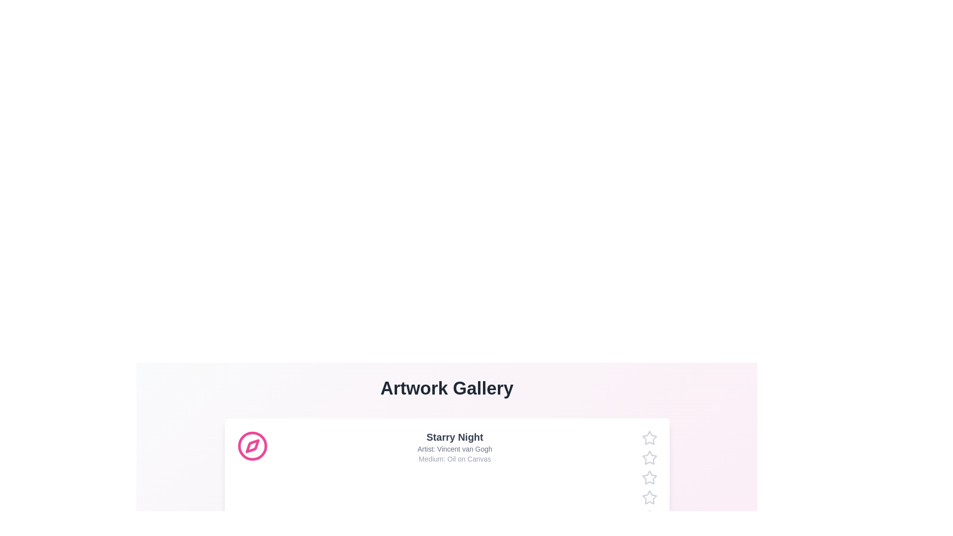 The width and height of the screenshot is (953, 536). What do you see at coordinates (641, 497) in the screenshot?
I see `the rating for the artwork 'Starry Night' to 4 stars` at bounding box center [641, 497].